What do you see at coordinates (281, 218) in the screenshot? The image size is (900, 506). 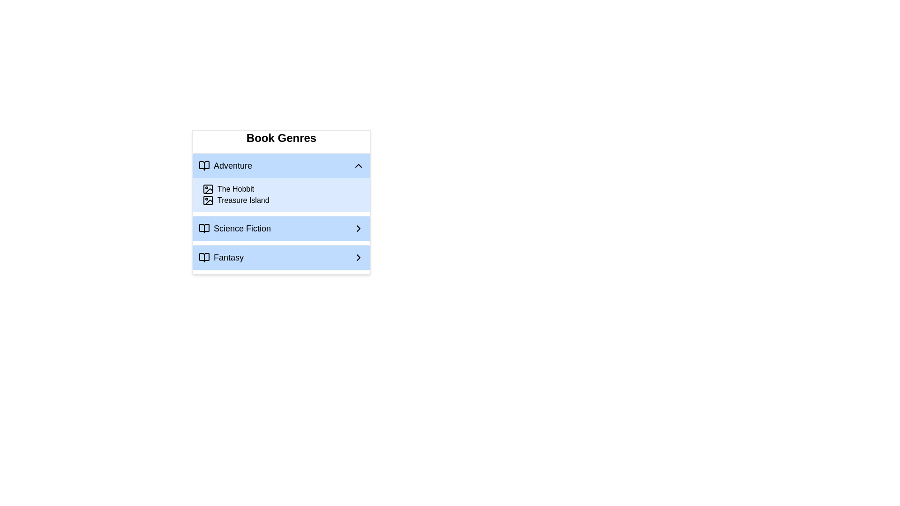 I see `the 'Science Fiction' menu item with a blue background and white text, located` at bounding box center [281, 218].